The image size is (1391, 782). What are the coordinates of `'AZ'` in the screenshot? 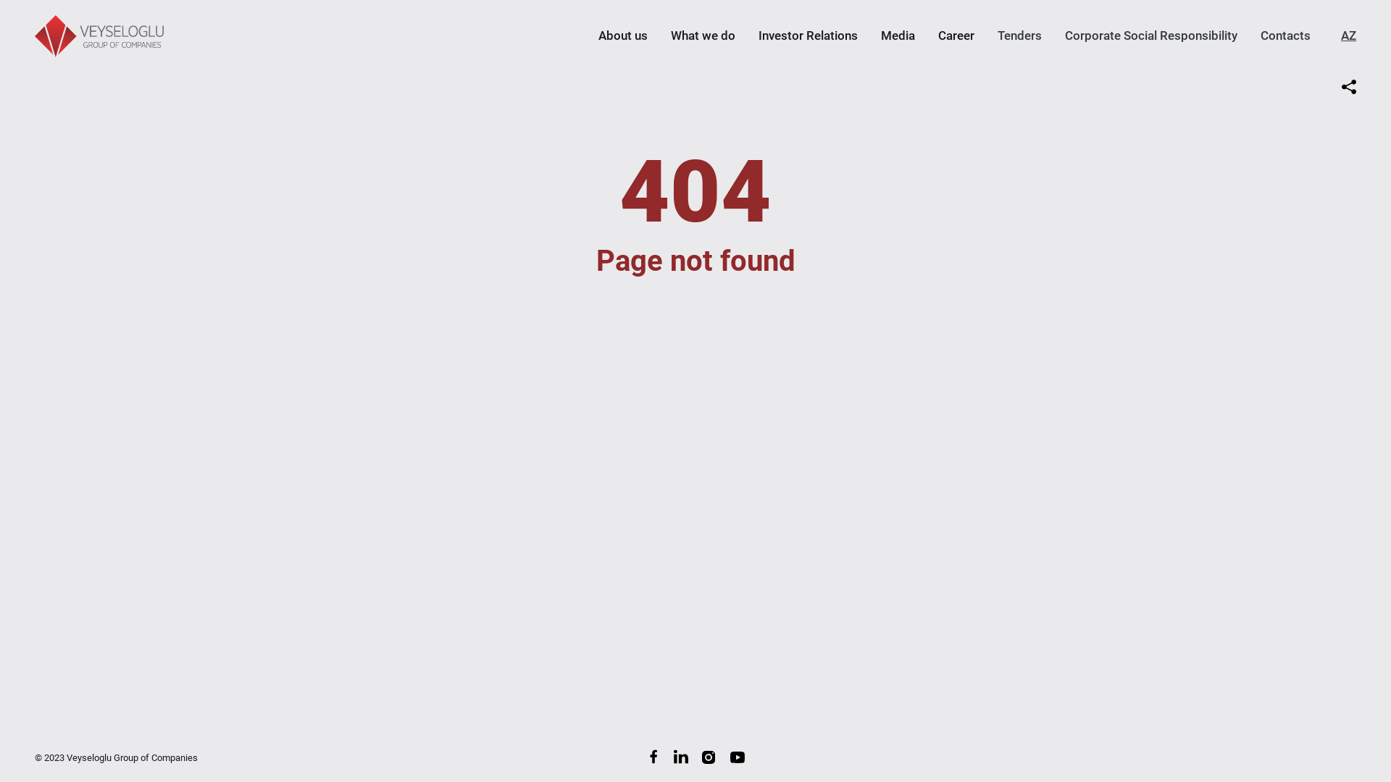 It's located at (1348, 35).